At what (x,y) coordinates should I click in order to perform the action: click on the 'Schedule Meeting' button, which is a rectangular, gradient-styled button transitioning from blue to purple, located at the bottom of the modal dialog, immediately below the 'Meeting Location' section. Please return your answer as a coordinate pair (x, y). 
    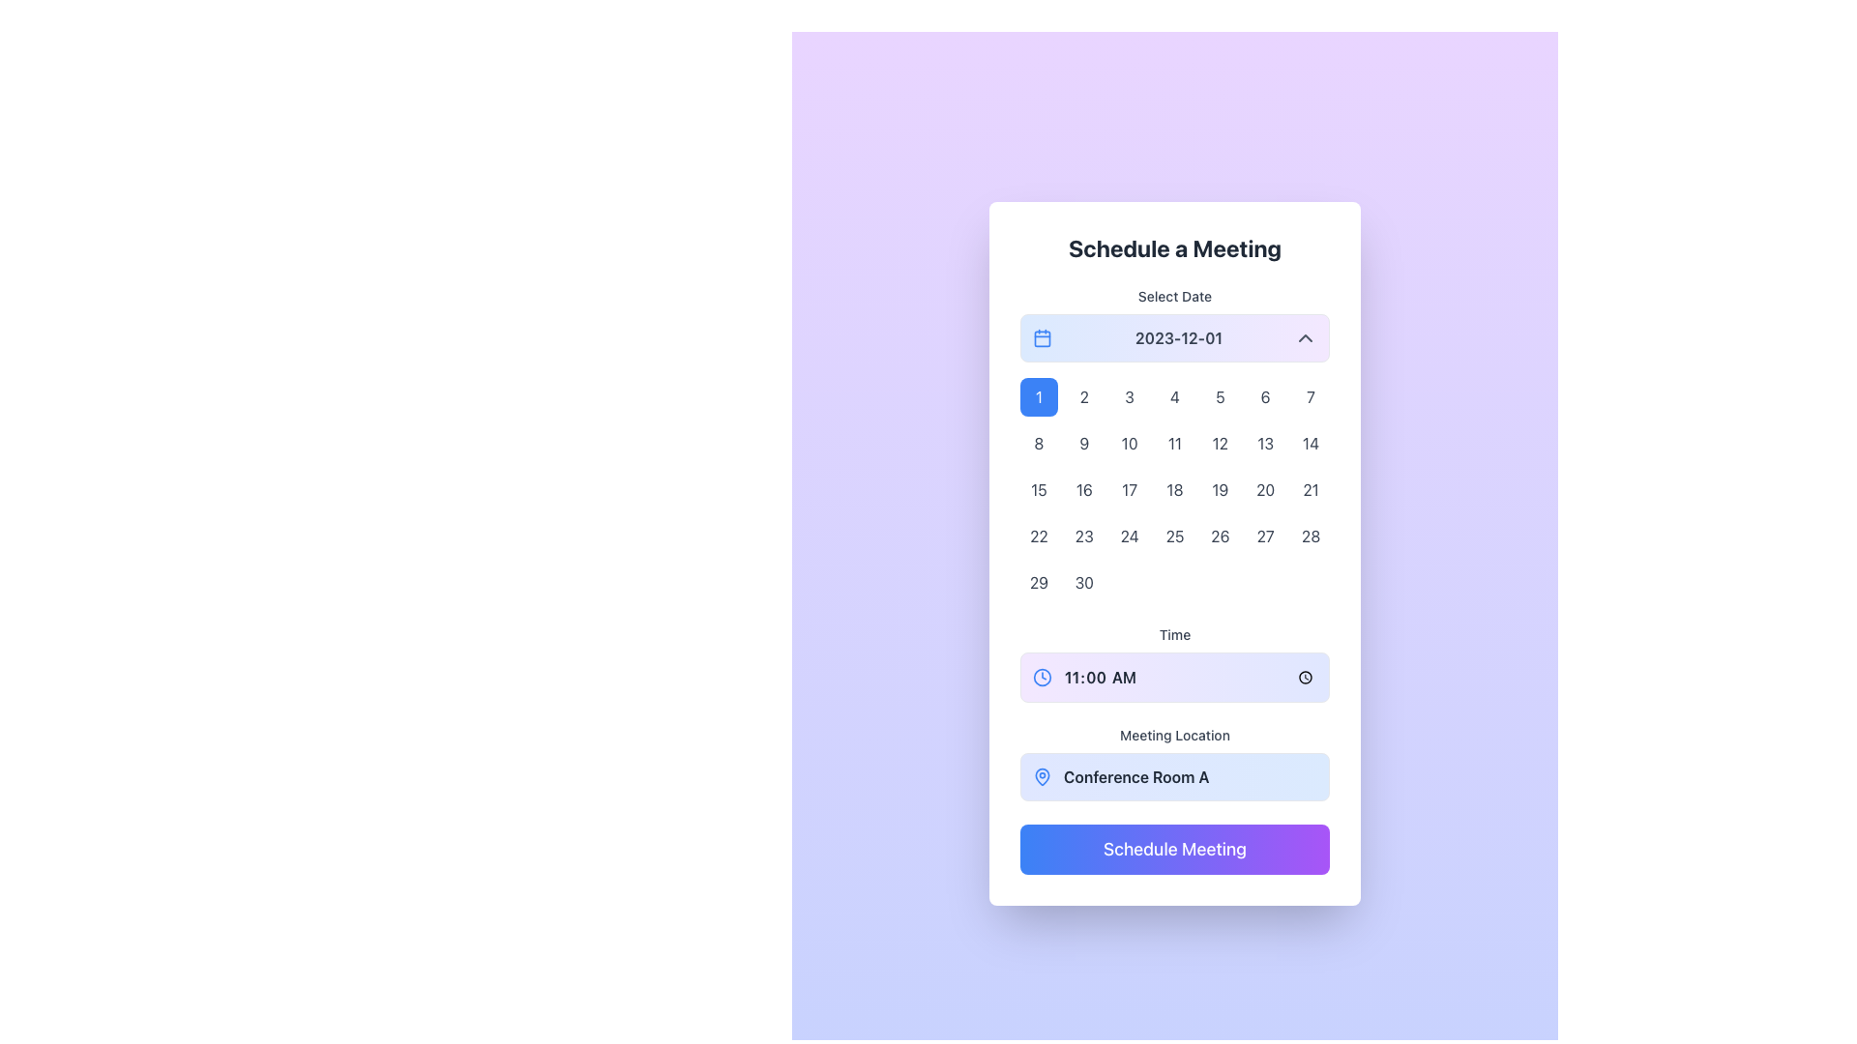
    Looking at the image, I should click on (1173, 849).